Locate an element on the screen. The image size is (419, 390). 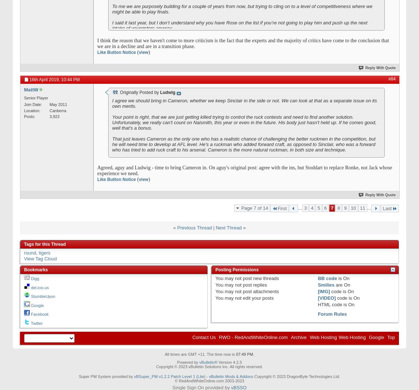
'Version 4.2.5' is located at coordinates (229, 362).